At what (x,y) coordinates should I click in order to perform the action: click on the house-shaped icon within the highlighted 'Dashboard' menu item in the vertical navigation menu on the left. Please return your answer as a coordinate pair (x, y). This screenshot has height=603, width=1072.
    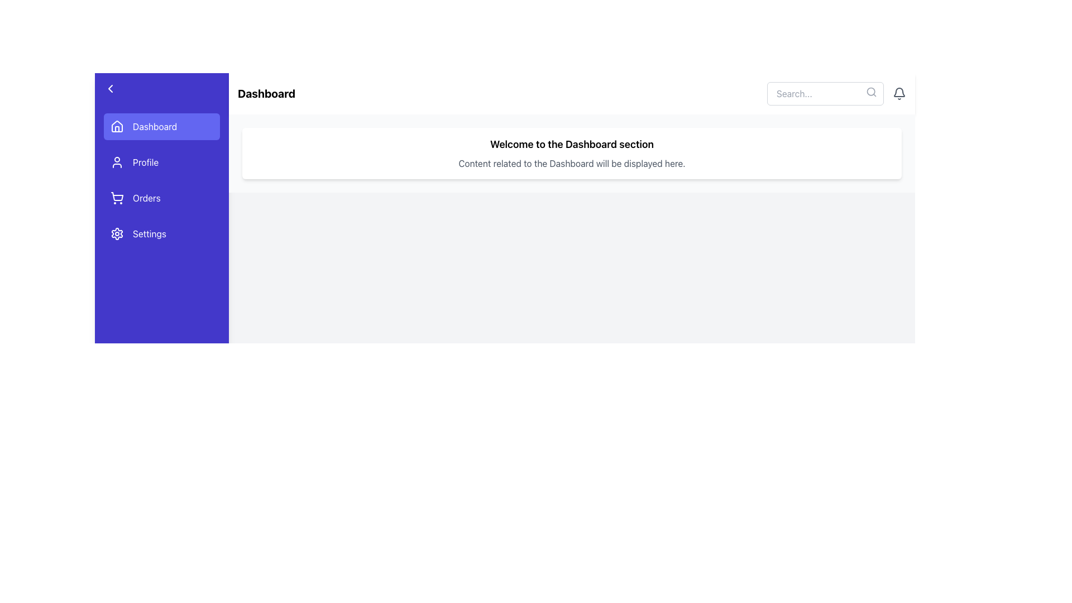
    Looking at the image, I should click on (117, 126).